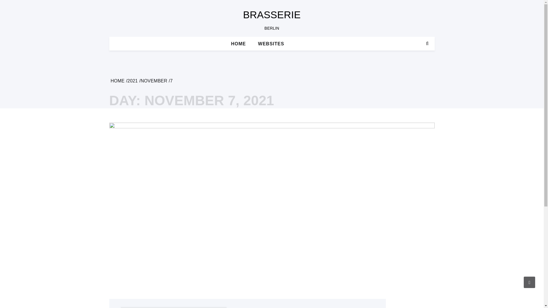 The height and width of the screenshot is (308, 548). Describe the element at coordinates (529, 282) in the screenshot. I see `'Go to Top'` at that location.